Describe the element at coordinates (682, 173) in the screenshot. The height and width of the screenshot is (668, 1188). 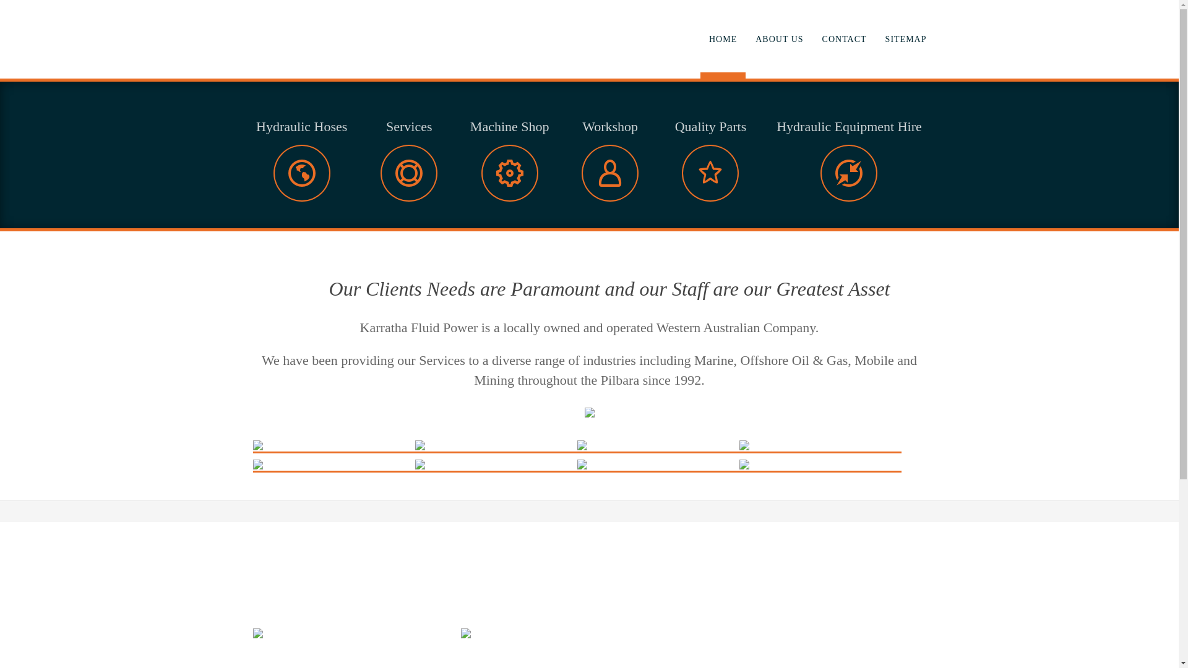
I see `'icon'` at that location.